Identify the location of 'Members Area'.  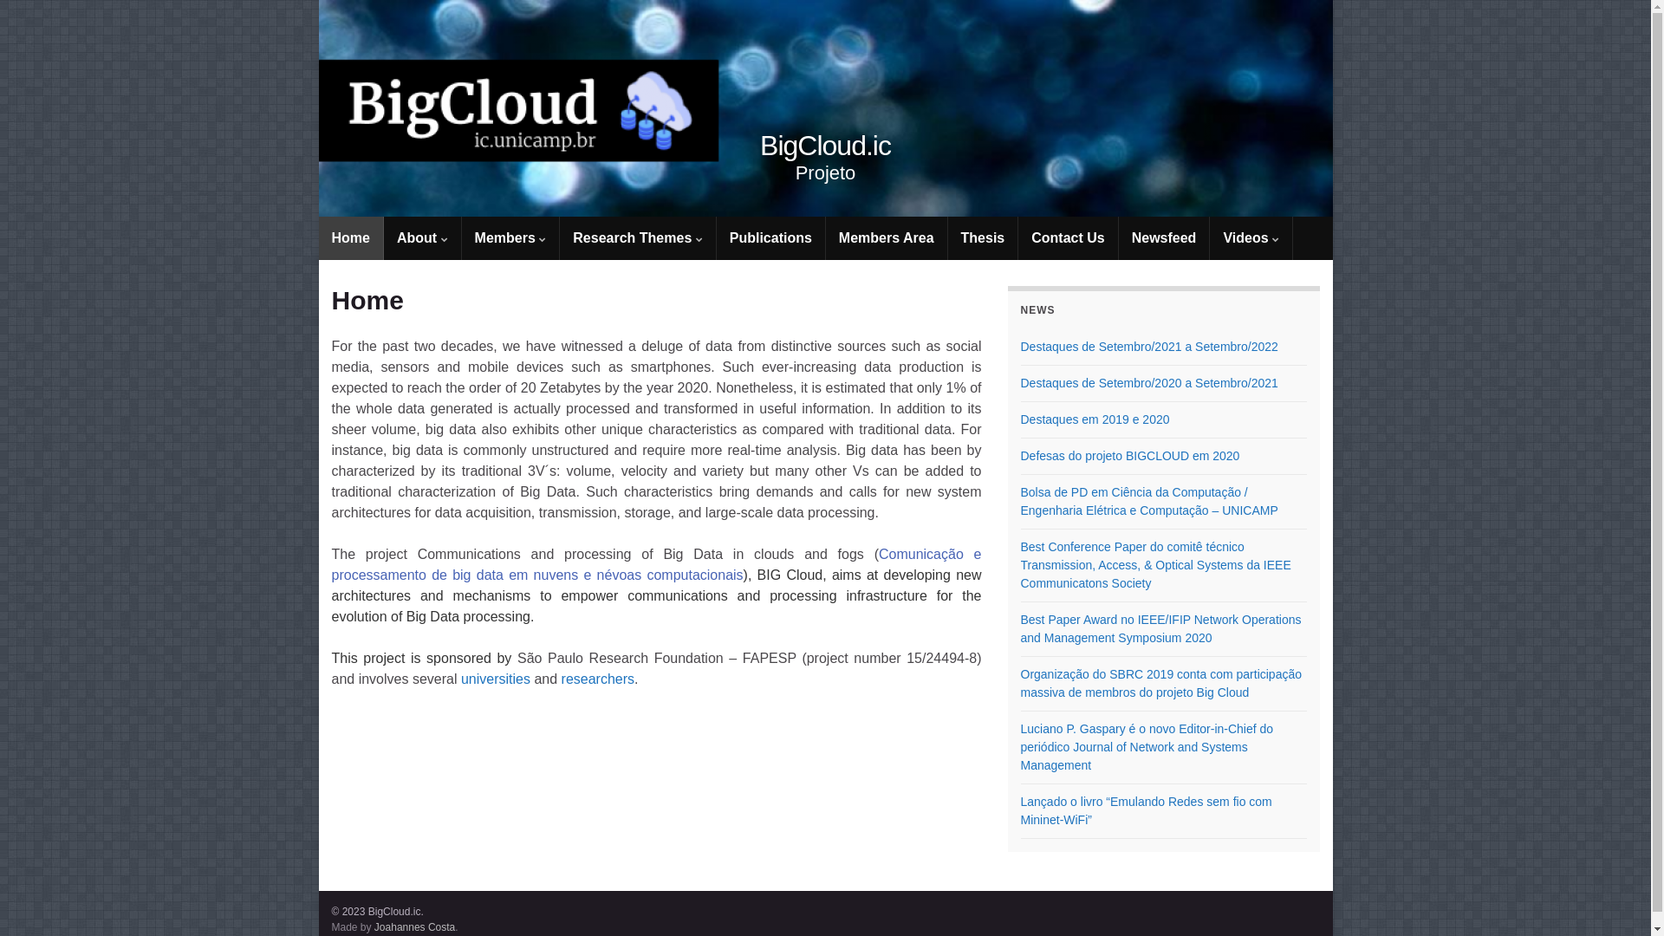
(825, 237).